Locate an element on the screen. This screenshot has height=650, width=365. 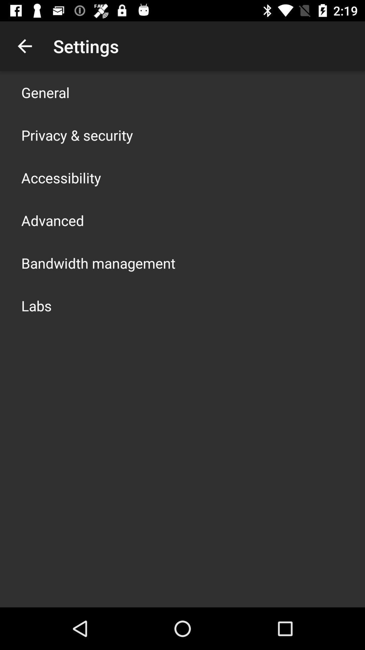
the icon above the general icon is located at coordinates (24, 46).